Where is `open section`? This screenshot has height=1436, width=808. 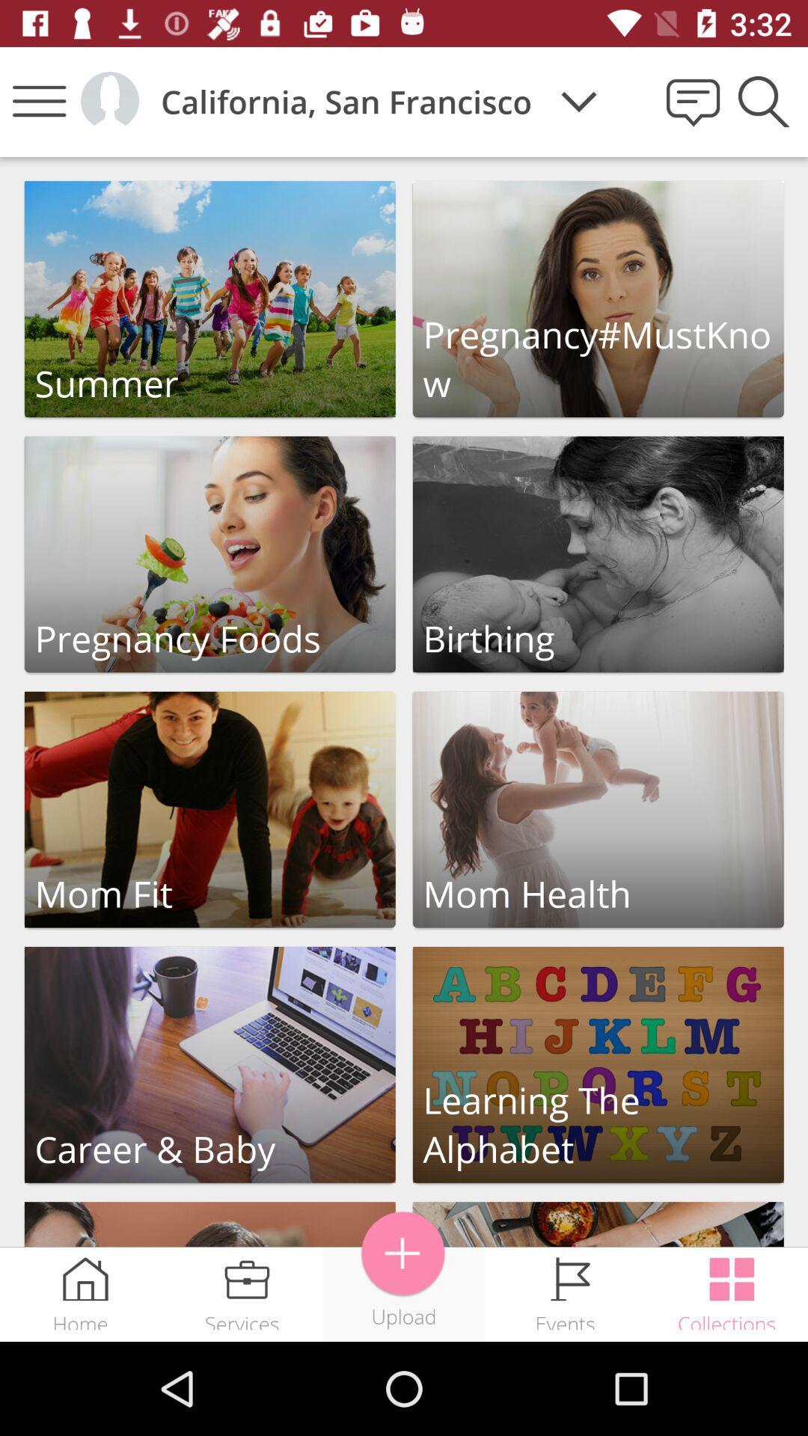 open section is located at coordinates (597, 808).